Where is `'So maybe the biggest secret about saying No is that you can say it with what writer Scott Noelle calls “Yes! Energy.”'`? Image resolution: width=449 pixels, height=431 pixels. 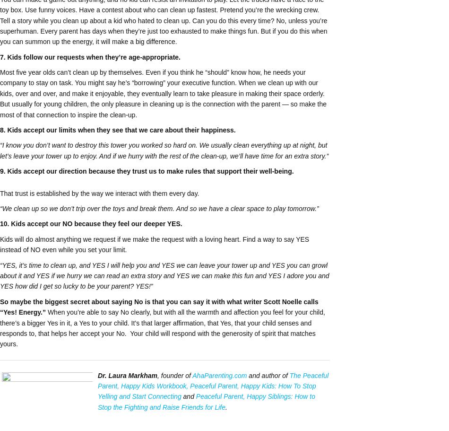
'So maybe the biggest secret about saying No is that you can say it with what writer Scott Noelle calls “Yes! Energy.”' is located at coordinates (158, 307).